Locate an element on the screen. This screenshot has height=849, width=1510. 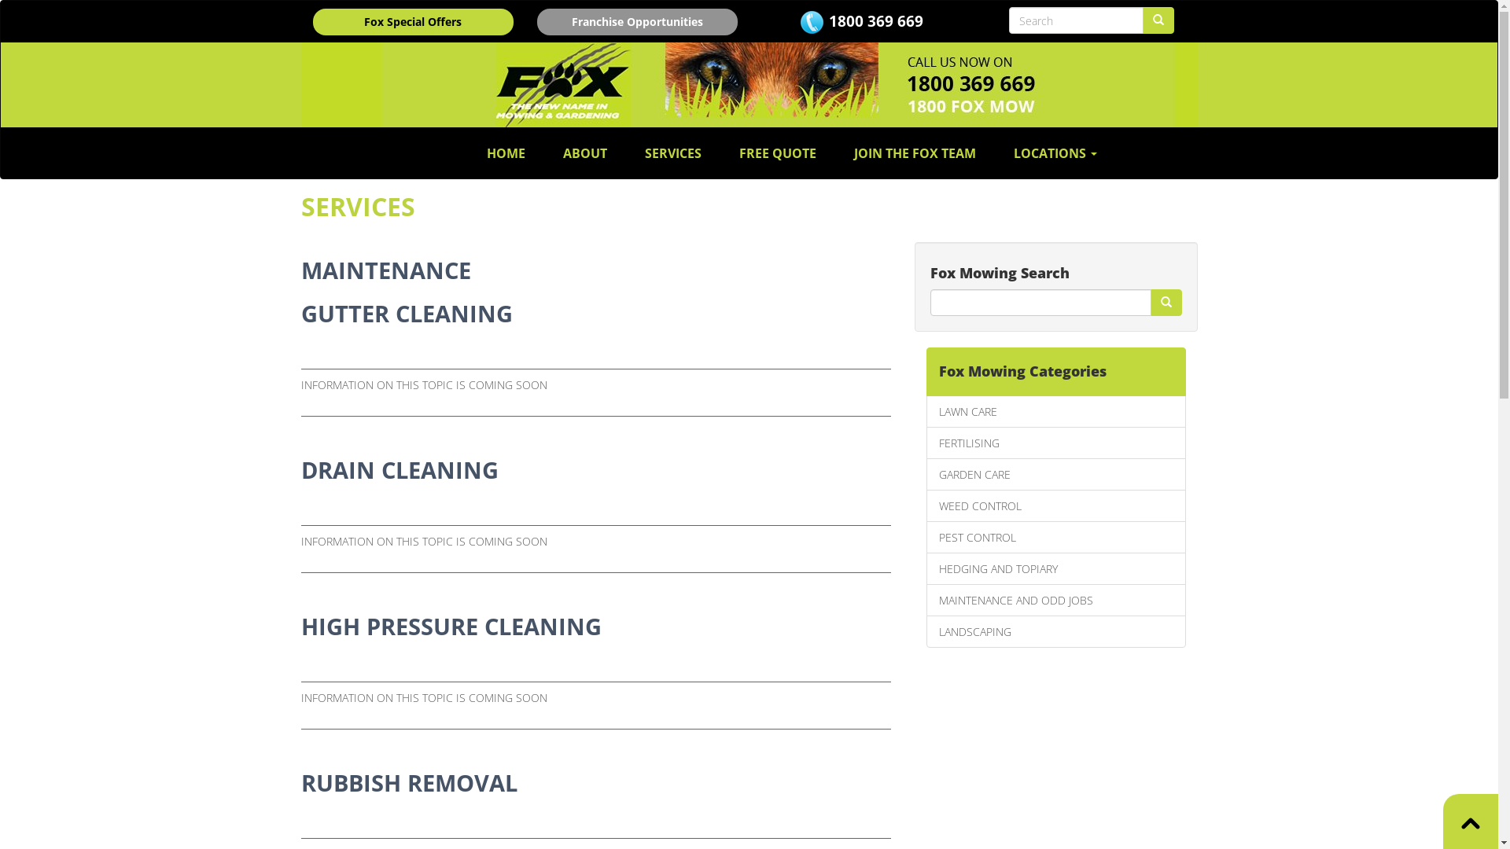
'GARDEN CARE' is located at coordinates (926, 473).